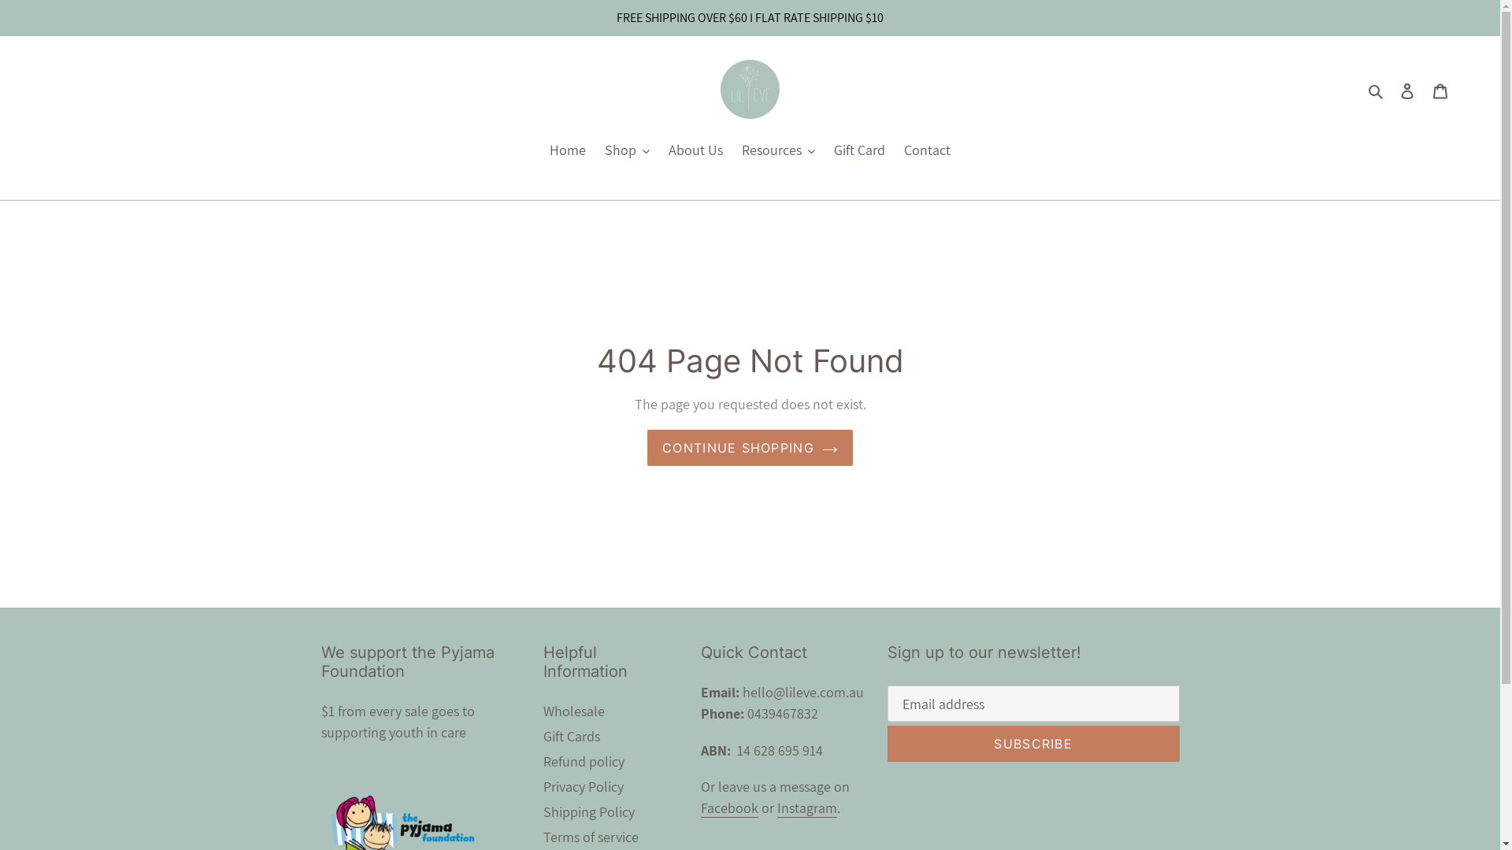 This screenshot has height=850, width=1512. What do you see at coordinates (895, 150) in the screenshot?
I see `'Contact'` at bounding box center [895, 150].